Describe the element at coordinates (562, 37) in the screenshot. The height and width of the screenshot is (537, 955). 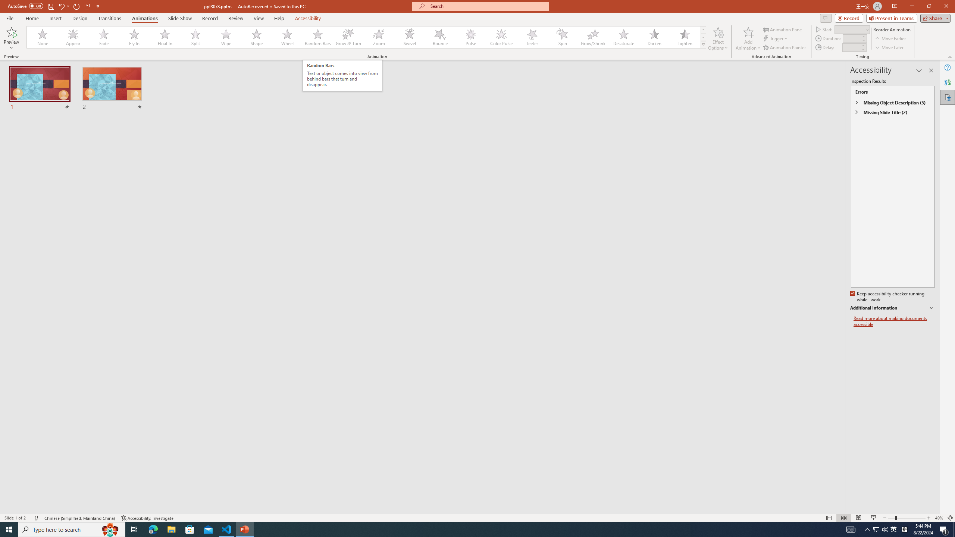
I see `'Spin'` at that location.